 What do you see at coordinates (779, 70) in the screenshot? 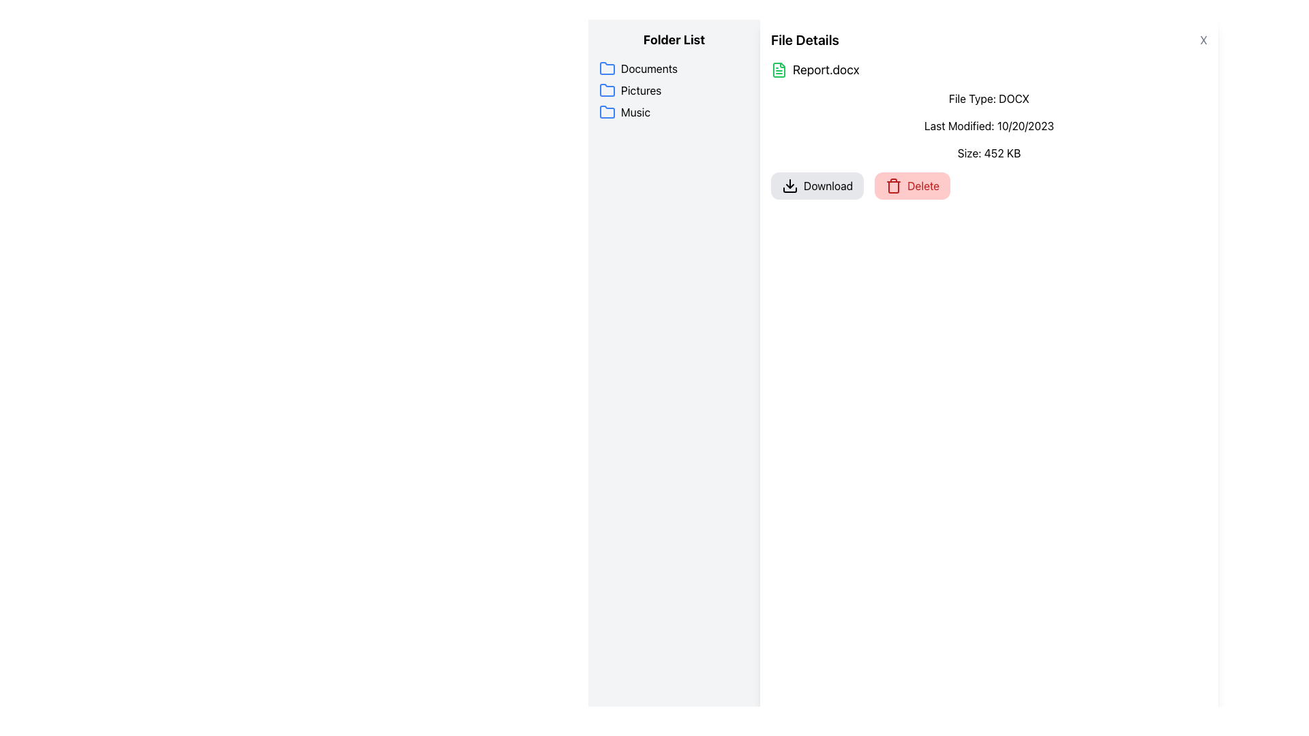
I see `the file document icon representing 'Report.docx', which is styled in green and located at the far left of the file listing` at bounding box center [779, 70].